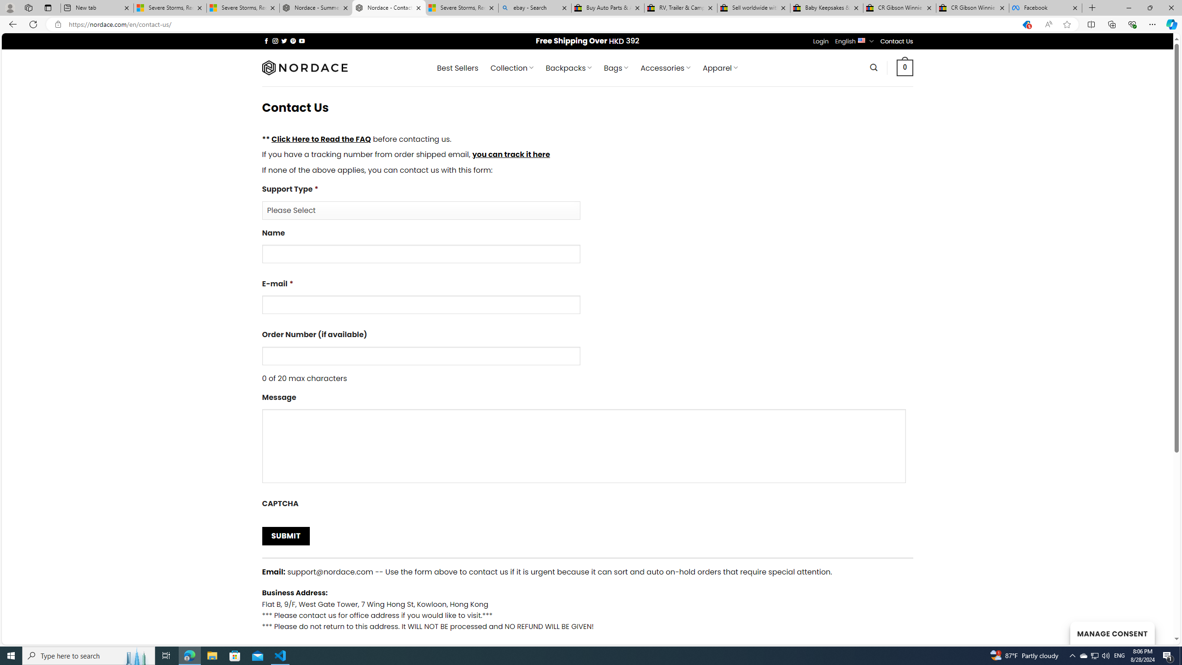 Image resolution: width=1182 pixels, height=665 pixels. What do you see at coordinates (458, 67) in the screenshot?
I see `'  Best Sellers'` at bounding box center [458, 67].